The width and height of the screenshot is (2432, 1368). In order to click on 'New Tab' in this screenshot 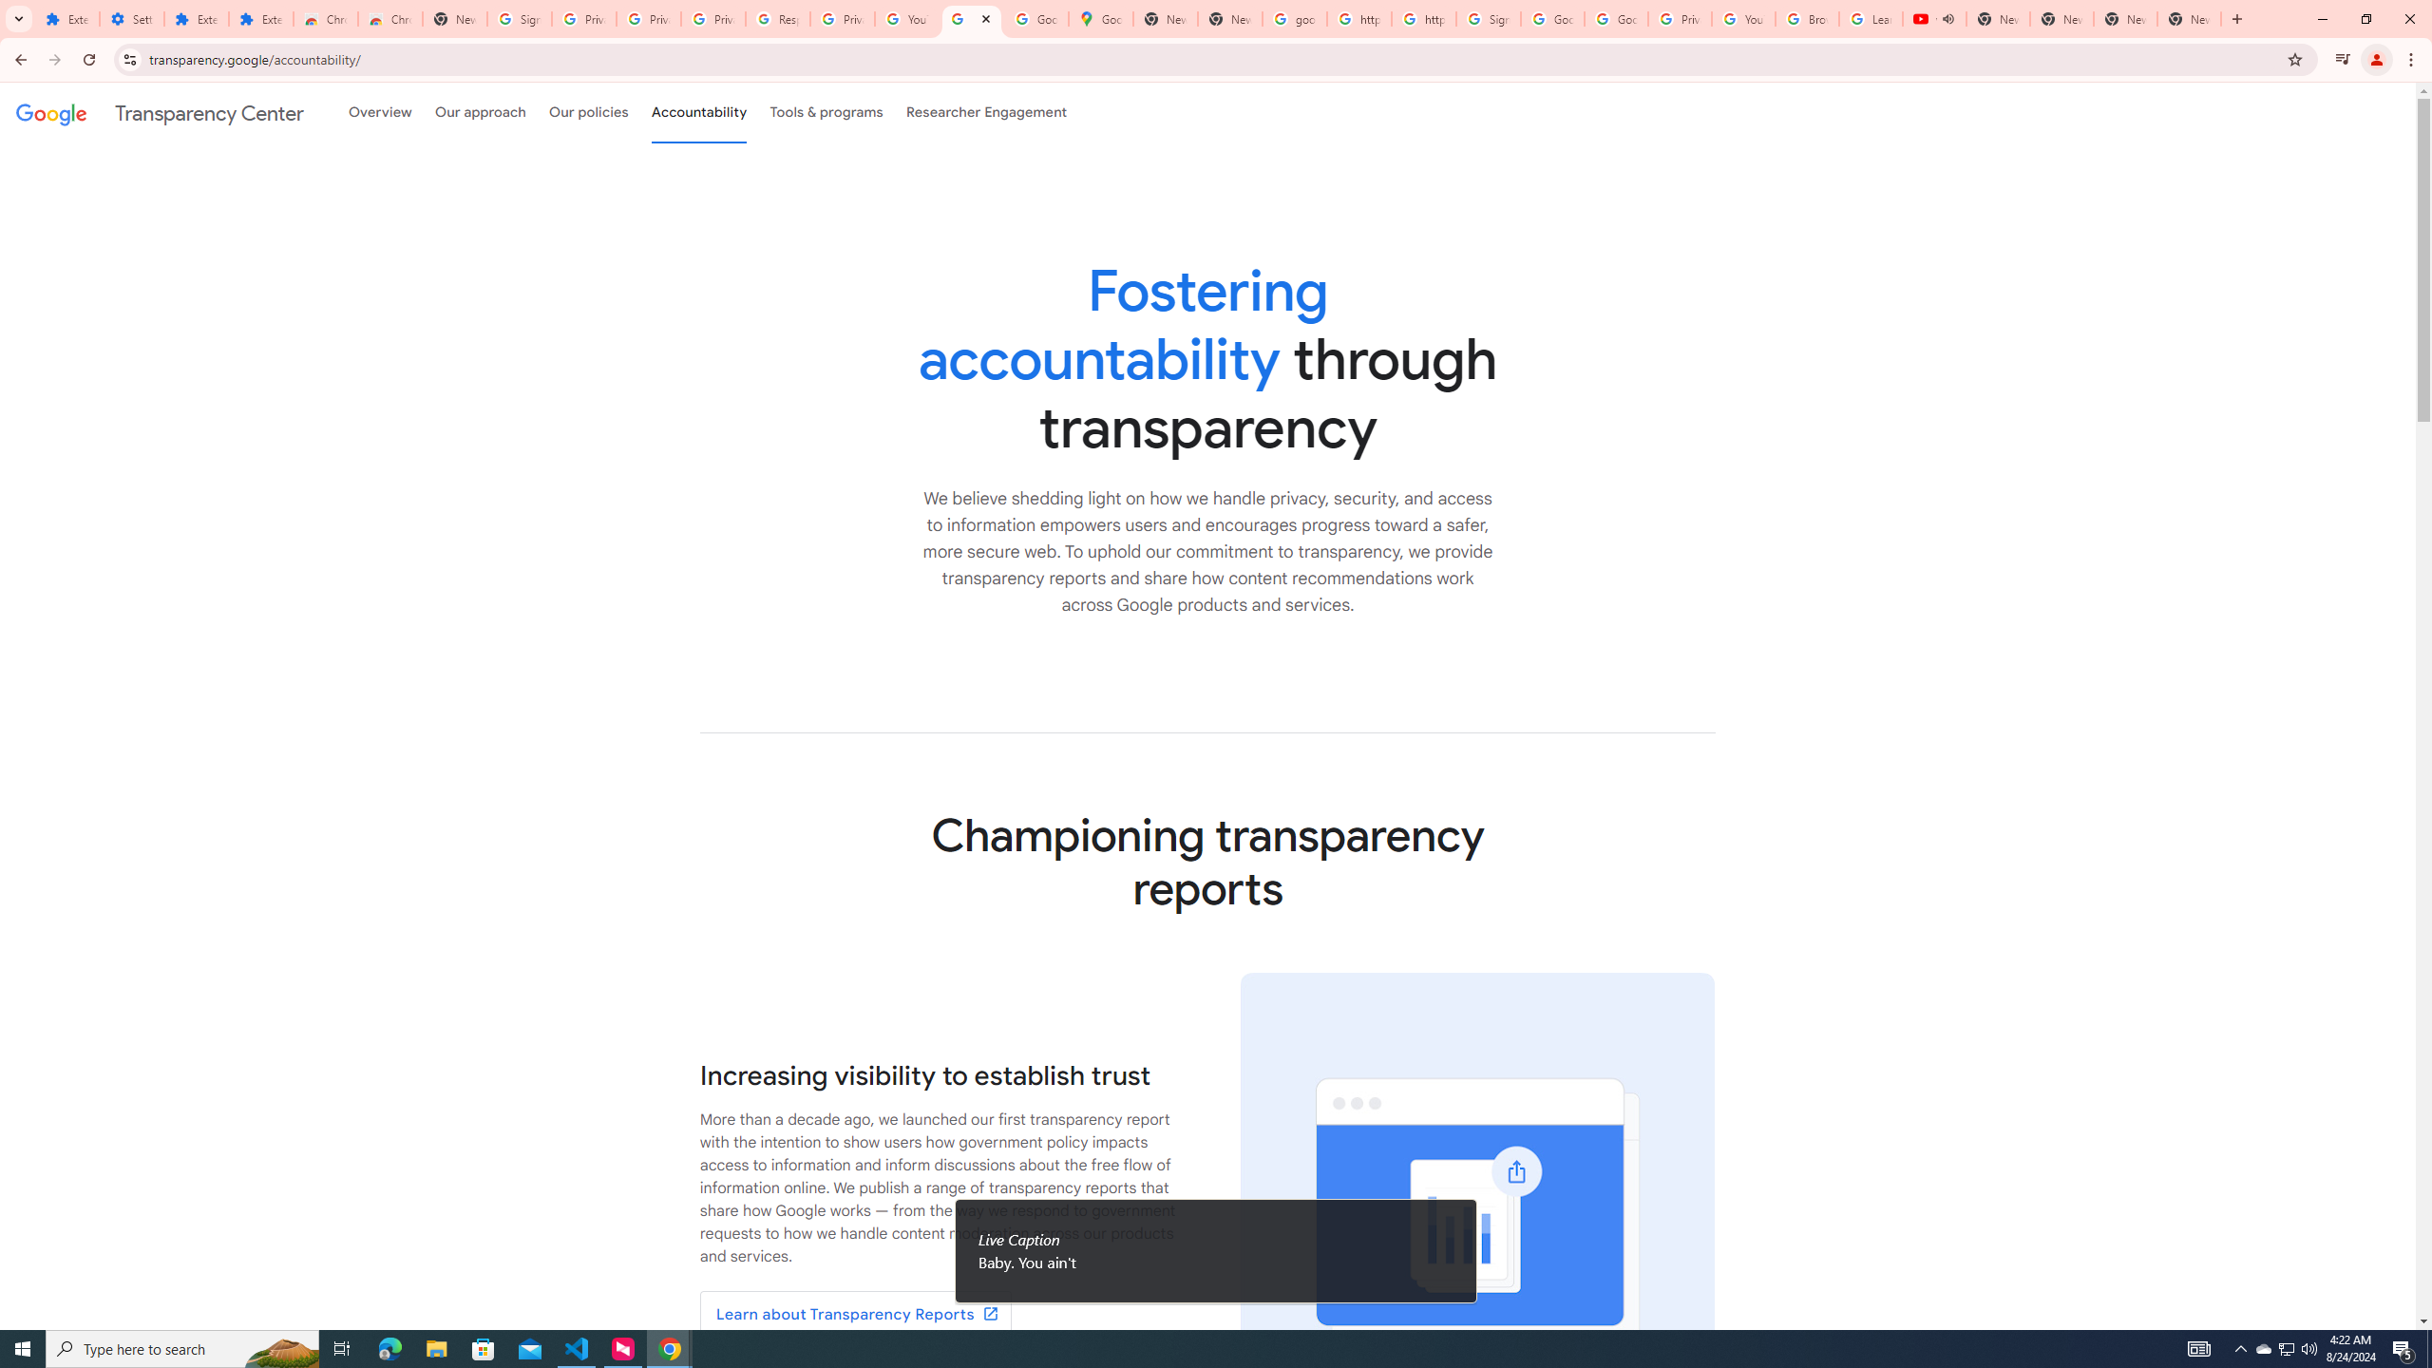, I will do `click(2189, 18)`.